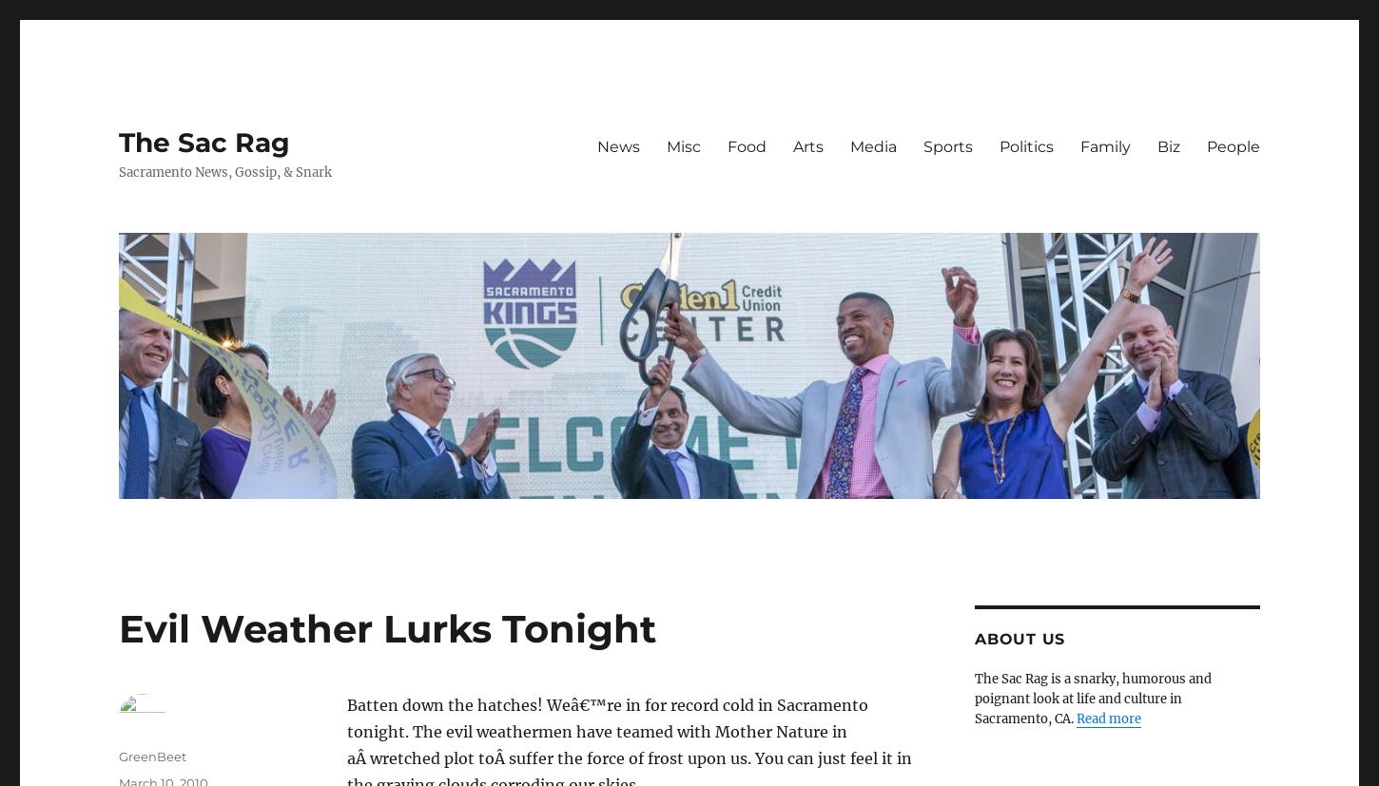  I want to click on 'Arts', so click(793, 145).